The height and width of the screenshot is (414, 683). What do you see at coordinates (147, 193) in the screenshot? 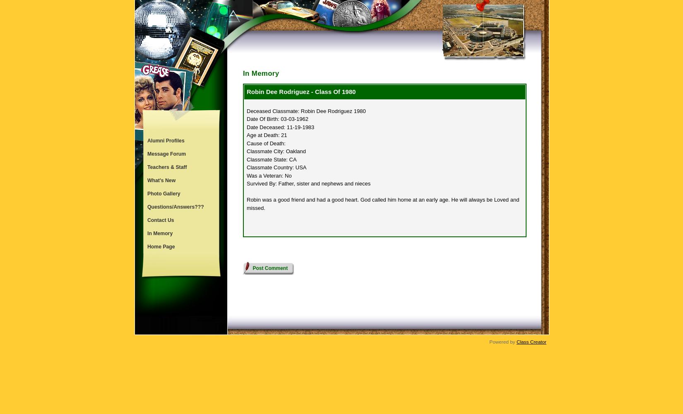
I see `'Photo Gallery'` at bounding box center [147, 193].